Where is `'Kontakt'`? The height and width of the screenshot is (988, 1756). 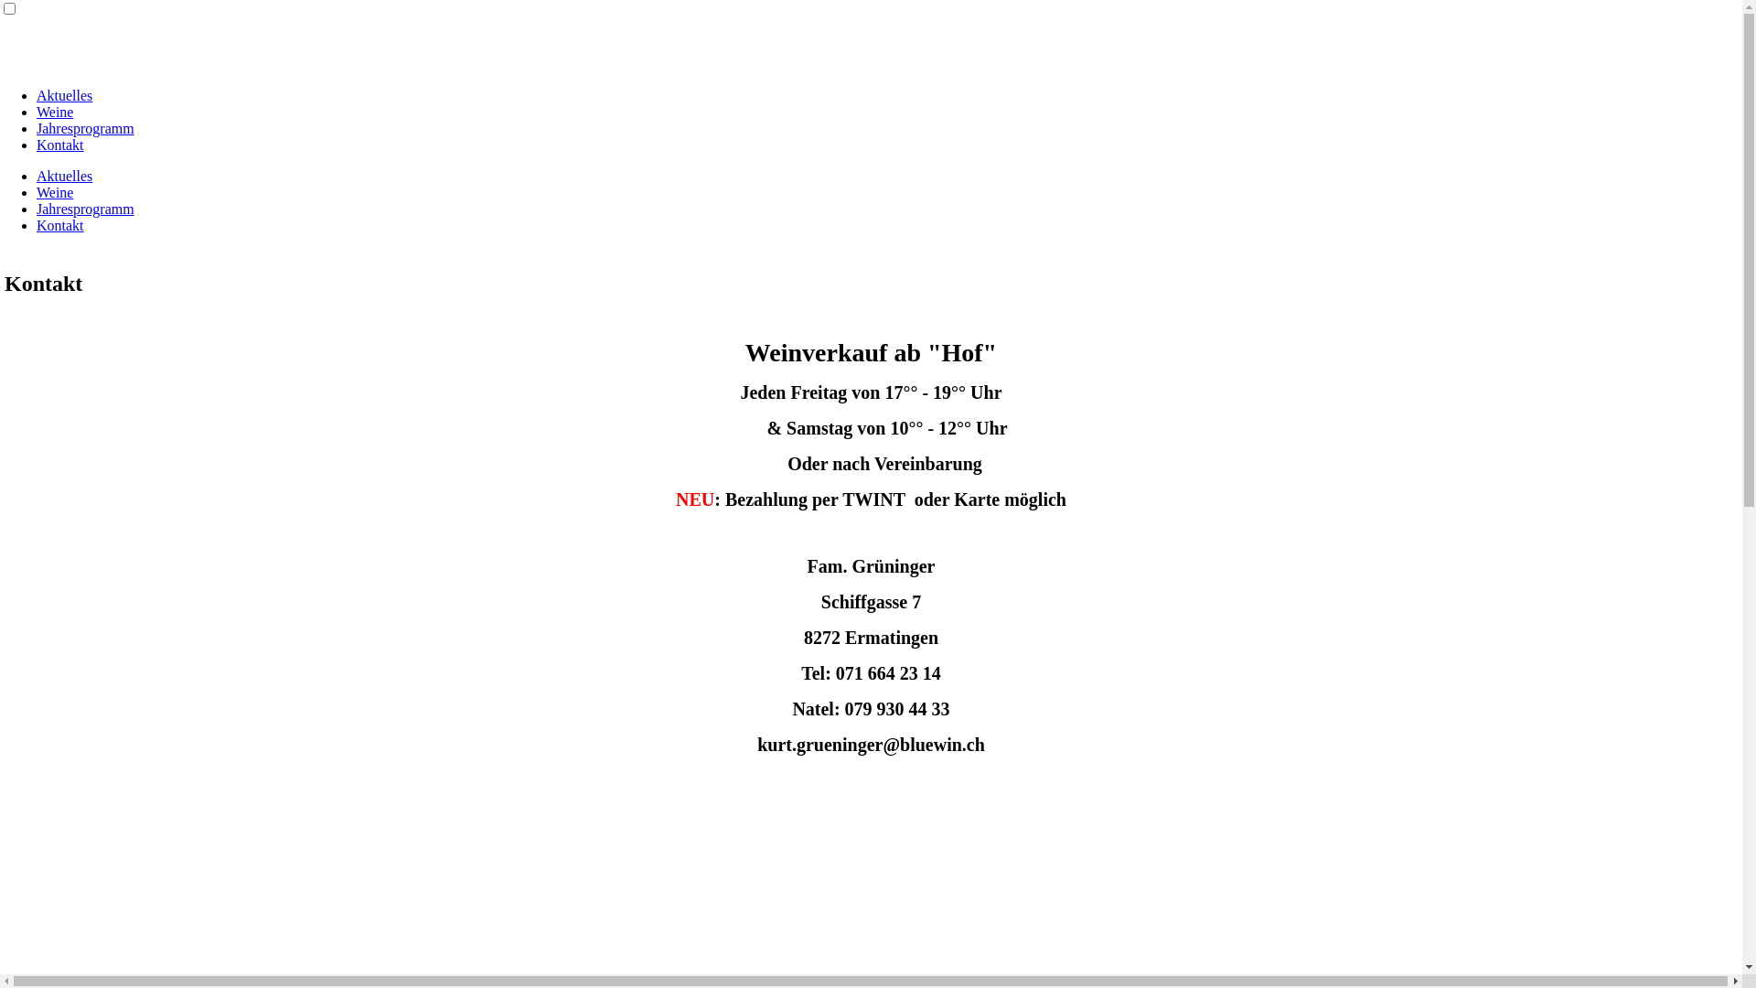
'Kontakt' is located at coordinates (60, 224).